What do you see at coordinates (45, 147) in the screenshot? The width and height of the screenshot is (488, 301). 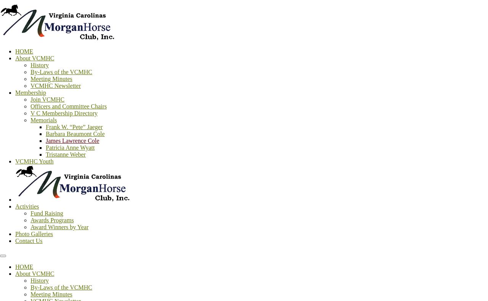 I see `'Patricia Anne Wyatt'` at bounding box center [45, 147].